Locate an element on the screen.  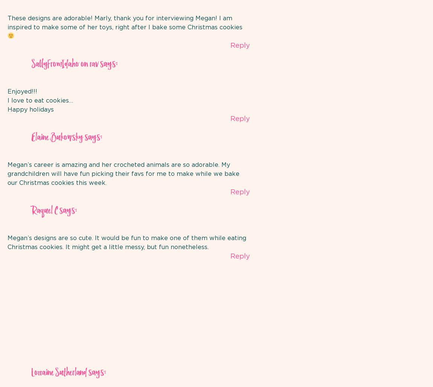
'Megan’s designs are so cute. It would be fun to make one of them while eating Christmas cookies. It might get a little messy, but fun nonetheless.' is located at coordinates (127, 242).